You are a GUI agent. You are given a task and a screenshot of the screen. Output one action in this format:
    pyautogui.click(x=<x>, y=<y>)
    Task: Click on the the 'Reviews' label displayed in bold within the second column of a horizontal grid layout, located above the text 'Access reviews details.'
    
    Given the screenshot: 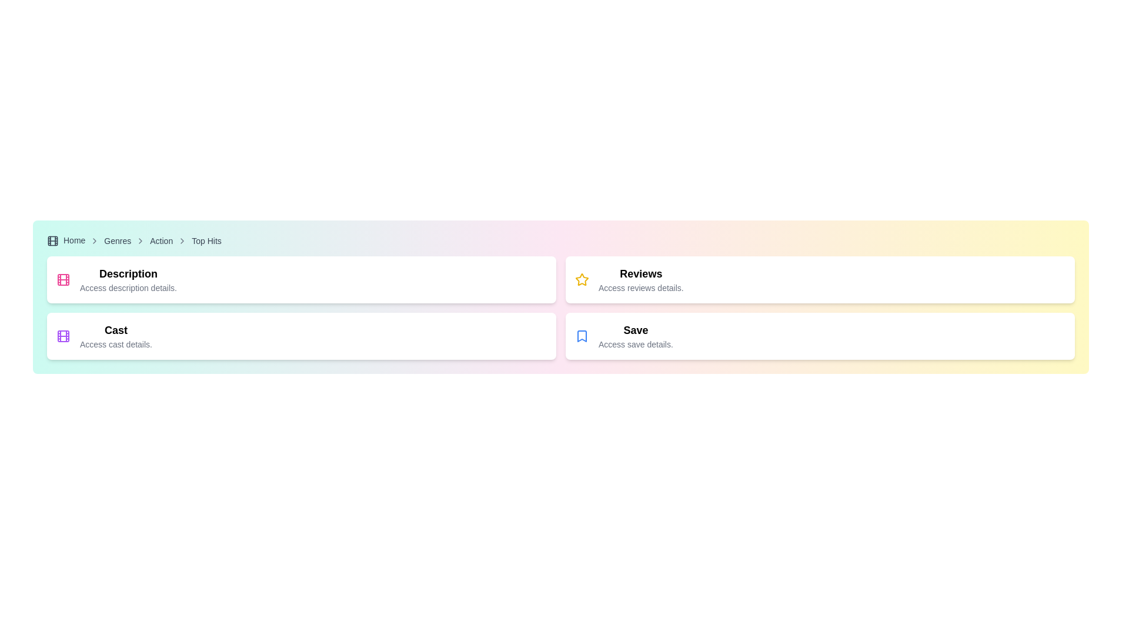 What is the action you would take?
    pyautogui.click(x=640, y=274)
    